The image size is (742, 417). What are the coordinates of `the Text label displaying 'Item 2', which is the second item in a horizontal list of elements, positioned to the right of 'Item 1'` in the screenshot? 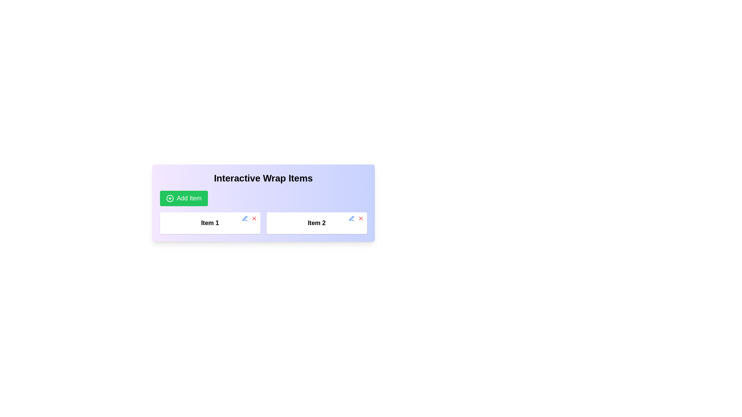 It's located at (317, 223).